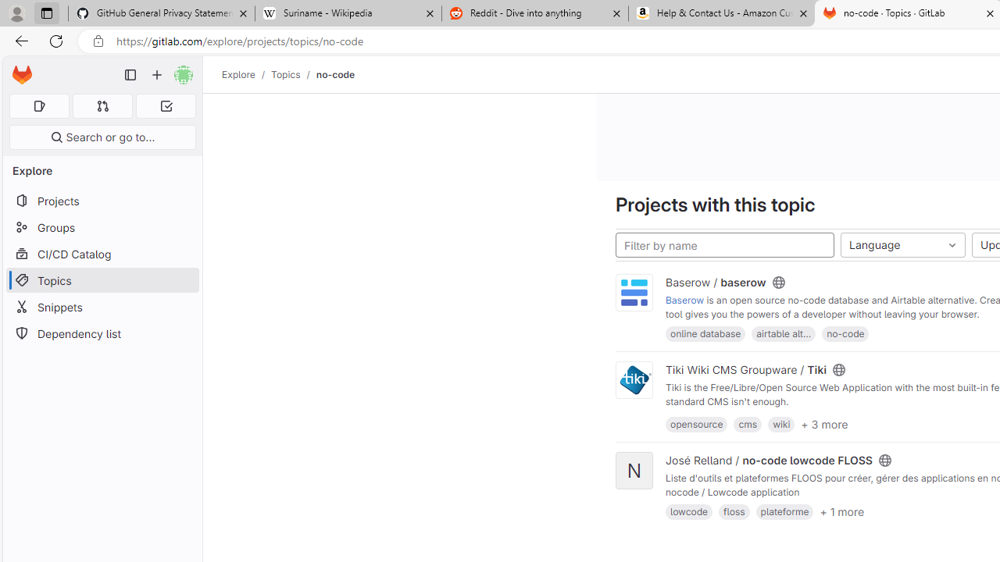  I want to click on 'lowcode', so click(687, 511).